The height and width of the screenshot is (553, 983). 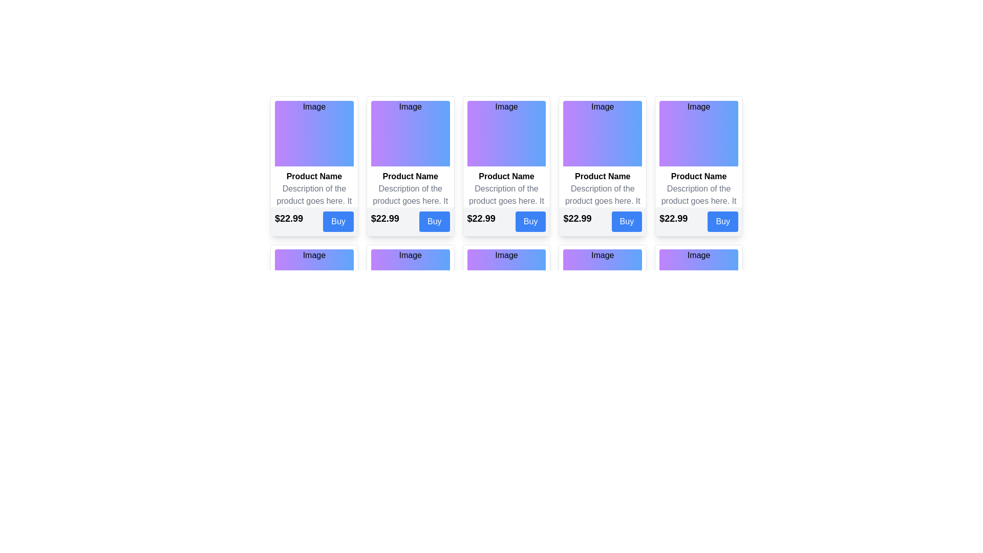 I want to click on the text label displaying the price '$22.99', which is located on the bottom-left side of the second product card, within a light grey background area, so click(x=384, y=221).